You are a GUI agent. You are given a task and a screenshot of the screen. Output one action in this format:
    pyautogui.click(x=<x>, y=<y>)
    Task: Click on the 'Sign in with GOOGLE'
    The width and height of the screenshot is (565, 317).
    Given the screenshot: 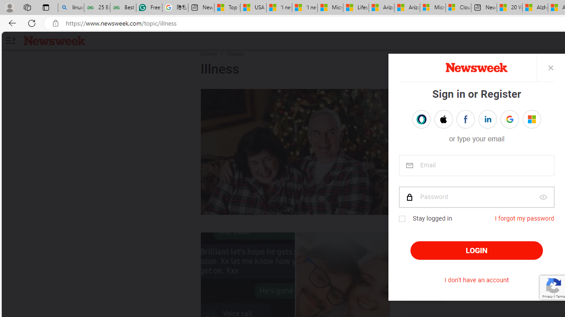 What is the action you would take?
    pyautogui.click(x=509, y=119)
    